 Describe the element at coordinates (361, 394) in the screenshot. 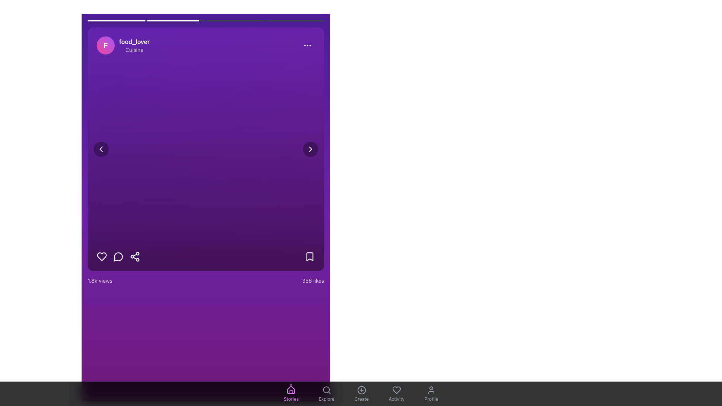

I see `the 'Create' button located in the bottom navigation bar, which features a circle with a plus sign icon and the text 'Create' below it, to initiate content creation` at that location.